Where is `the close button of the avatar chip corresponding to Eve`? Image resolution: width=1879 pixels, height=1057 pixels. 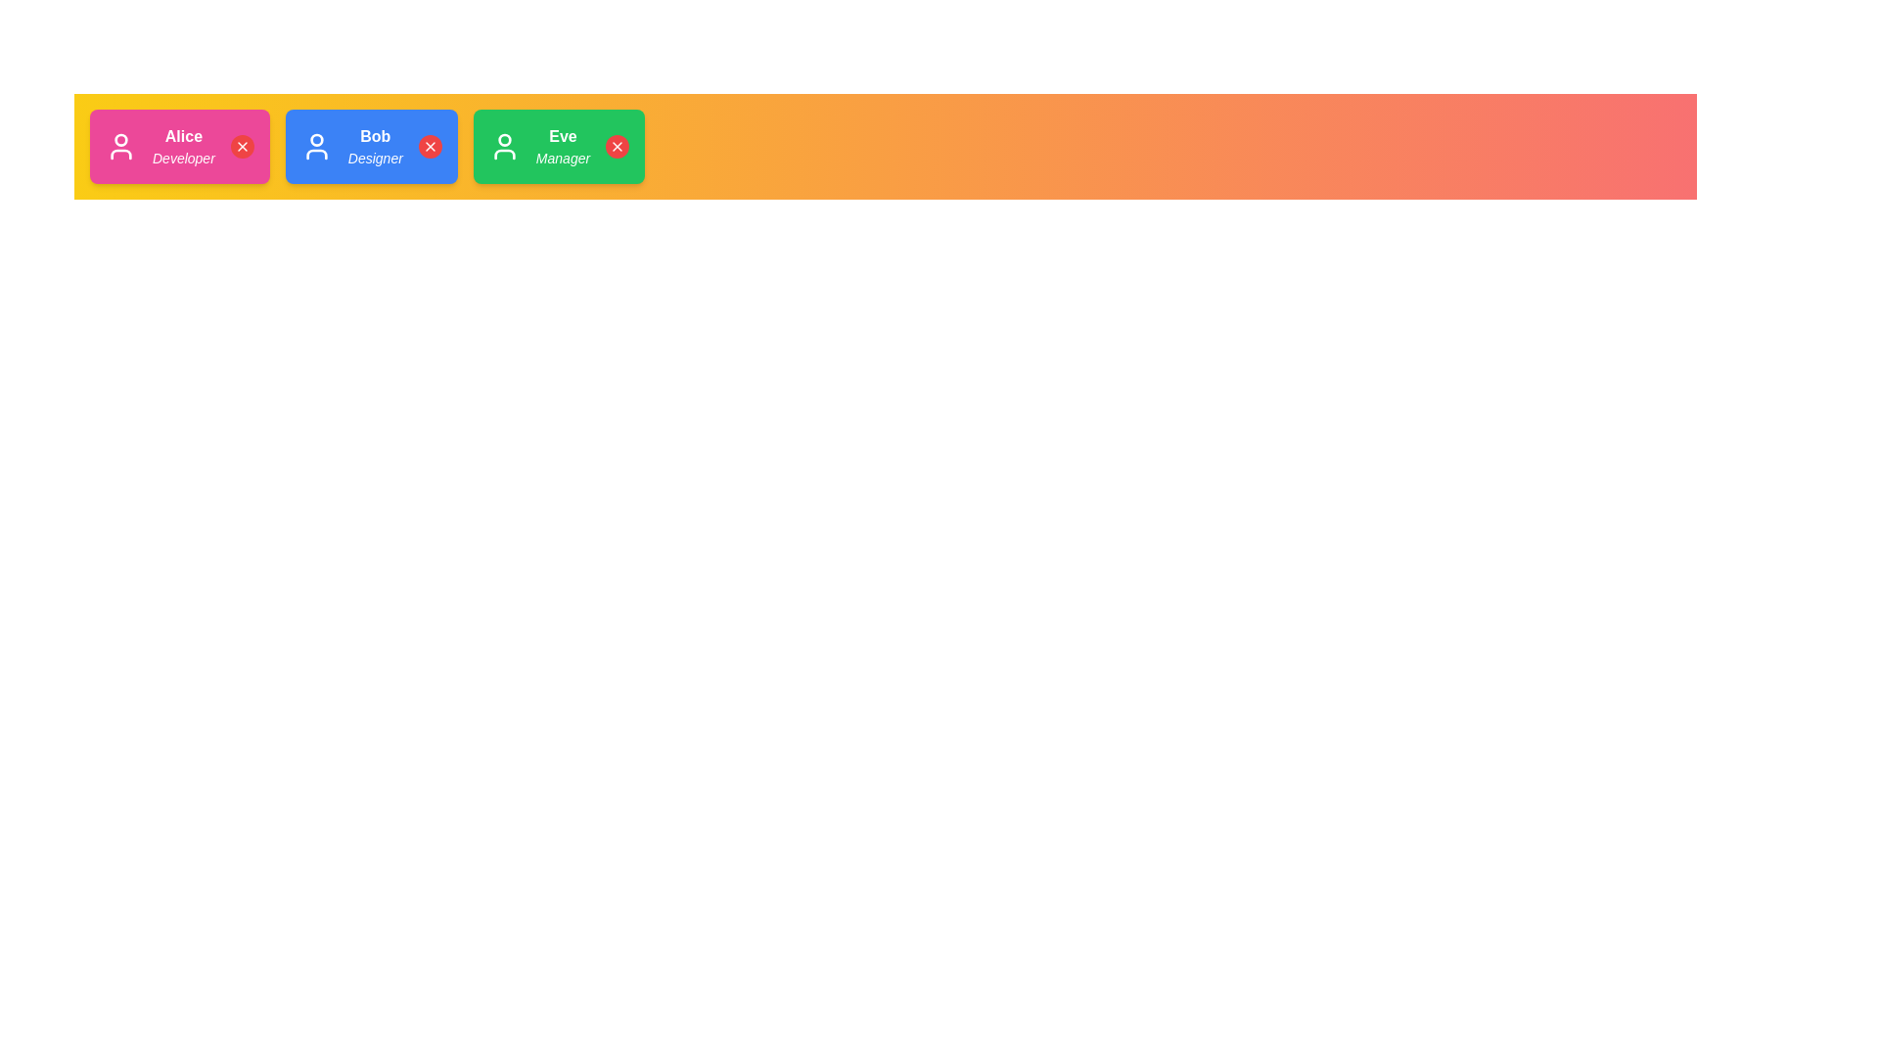
the close button of the avatar chip corresponding to Eve is located at coordinates (617, 146).